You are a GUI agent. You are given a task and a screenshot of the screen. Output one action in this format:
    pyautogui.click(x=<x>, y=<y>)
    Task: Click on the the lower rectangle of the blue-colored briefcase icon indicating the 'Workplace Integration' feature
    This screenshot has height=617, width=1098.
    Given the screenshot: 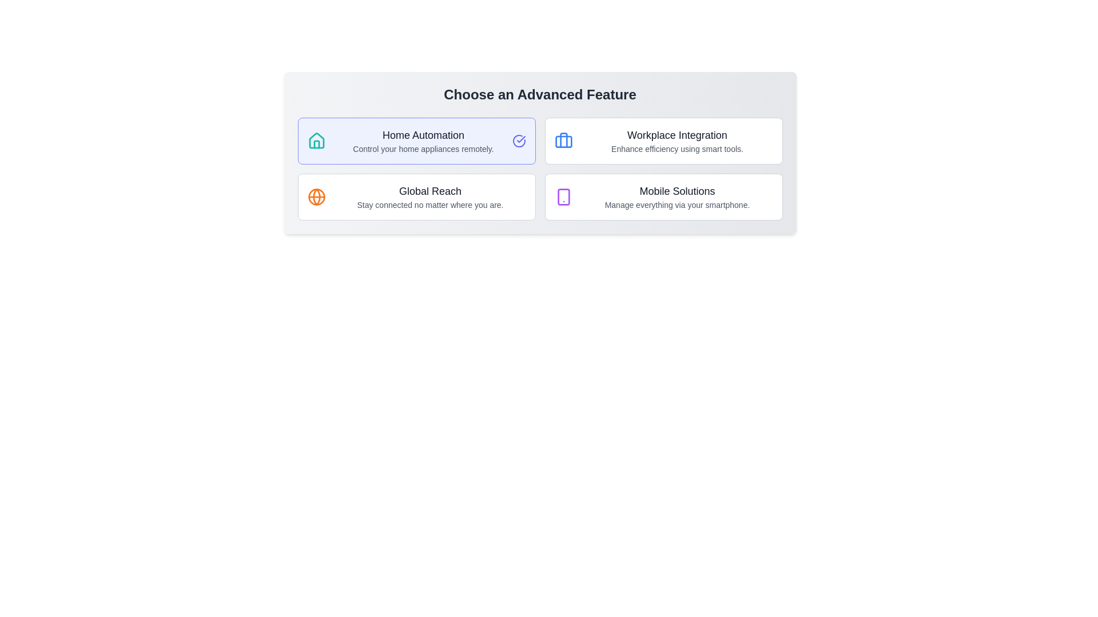 What is the action you would take?
    pyautogui.click(x=563, y=141)
    